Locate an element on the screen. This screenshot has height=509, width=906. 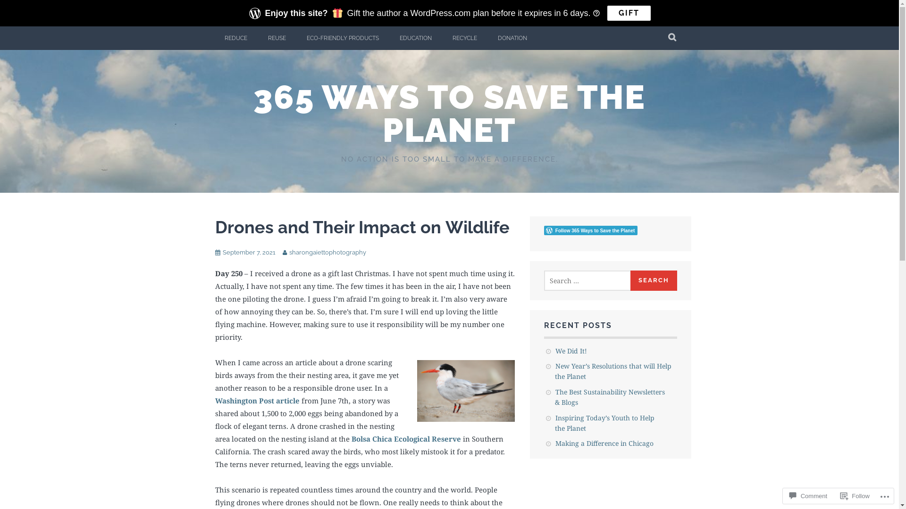
'The Best Sustainability Newsletters & Blogs' is located at coordinates (610, 397).